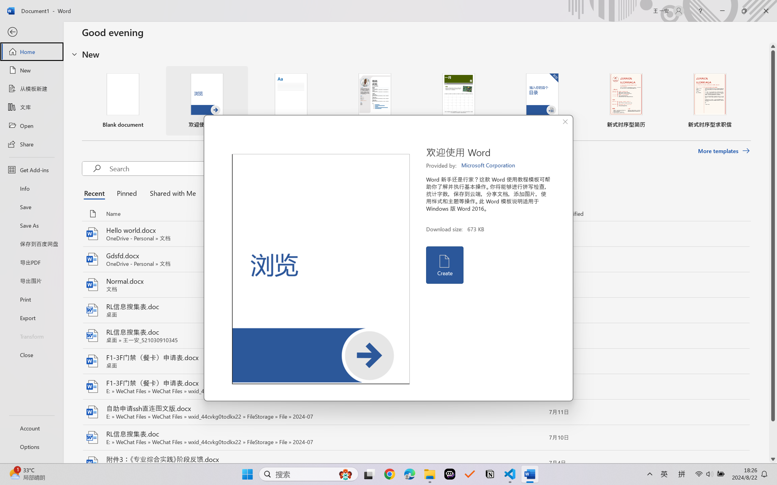  What do you see at coordinates (31, 70) in the screenshot?
I see `'New'` at bounding box center [31, 70].